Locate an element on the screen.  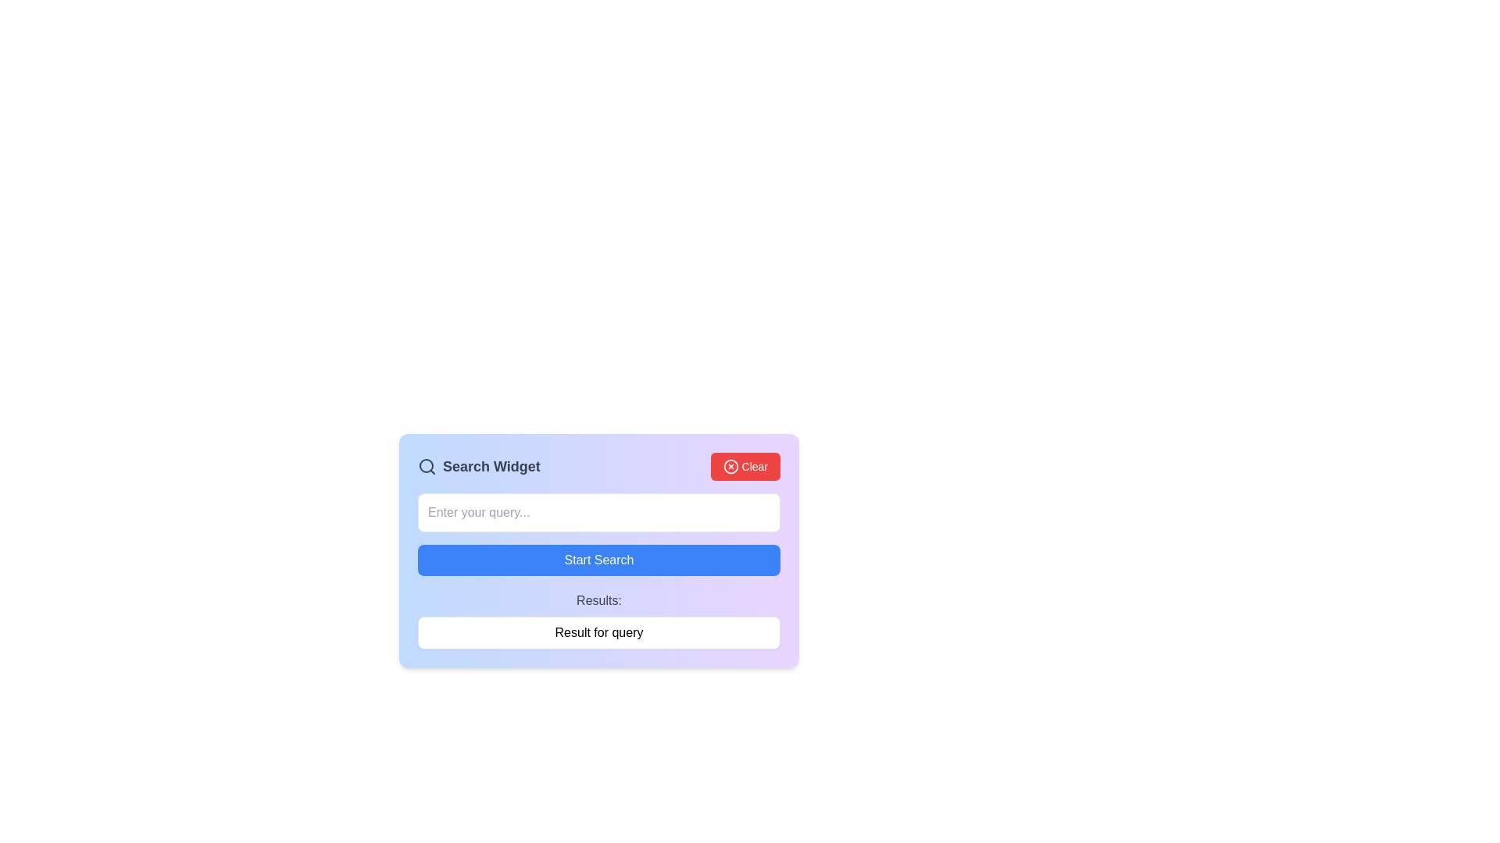
the static text label that indicates the section for displaying search results, located below the 'Start Search' button and above the 'Result for query' area is located at coordinates (598, 600).